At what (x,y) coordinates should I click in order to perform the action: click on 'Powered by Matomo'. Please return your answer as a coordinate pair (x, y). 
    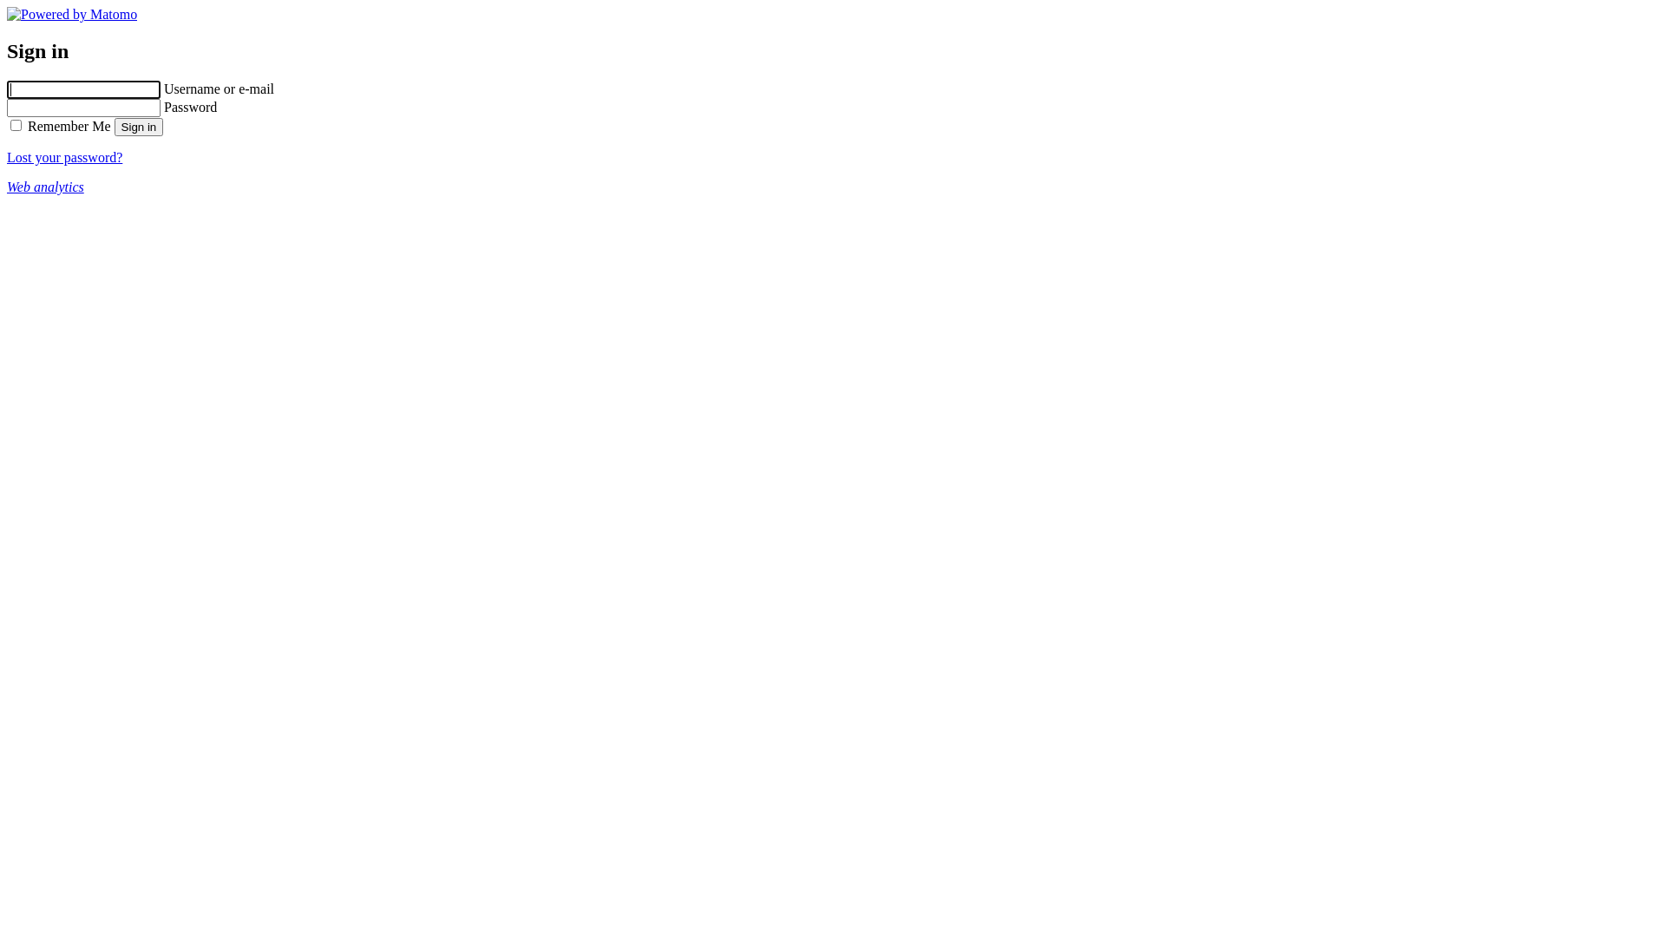
    Looking at the image, I should click on (70, 14).